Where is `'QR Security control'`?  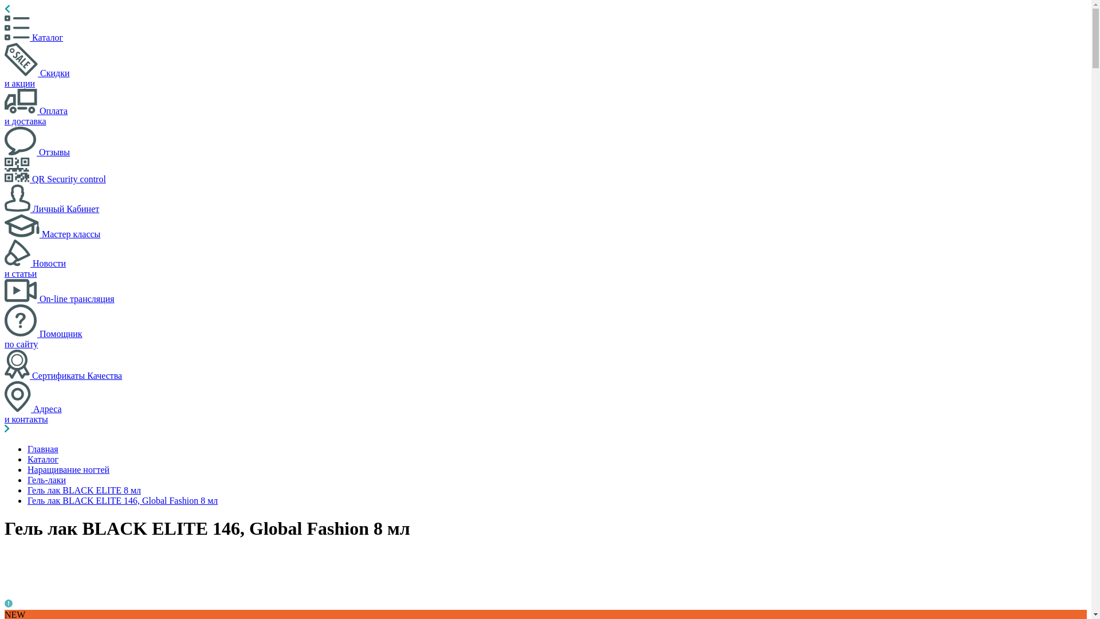
'QR Security control' is located at coordinates (54, 179).